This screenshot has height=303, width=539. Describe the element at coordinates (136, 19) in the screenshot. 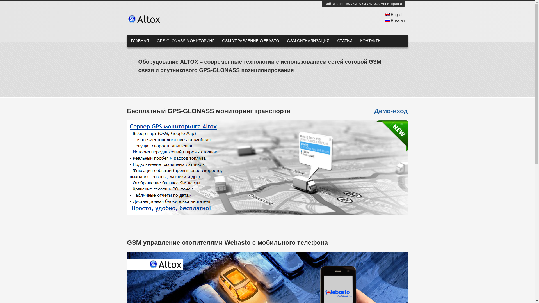

I see `'Altox'` at that location.